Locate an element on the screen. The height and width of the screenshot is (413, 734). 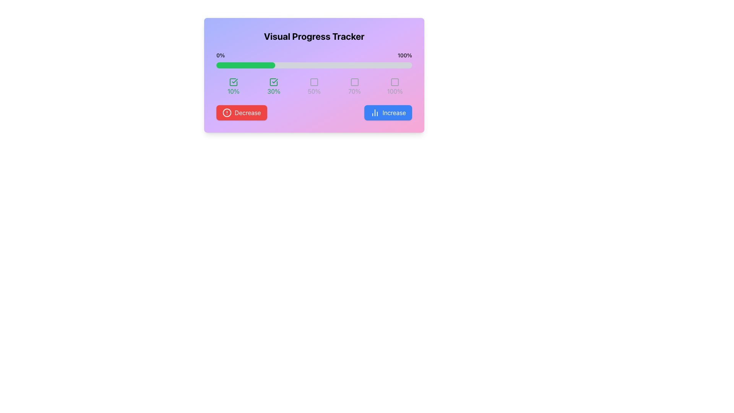
the outermost circle SVG graphic element that serves as a visual part of an icon, indicating status or alert, located near the bottom left of the interface is located at coordinates (227, 112).